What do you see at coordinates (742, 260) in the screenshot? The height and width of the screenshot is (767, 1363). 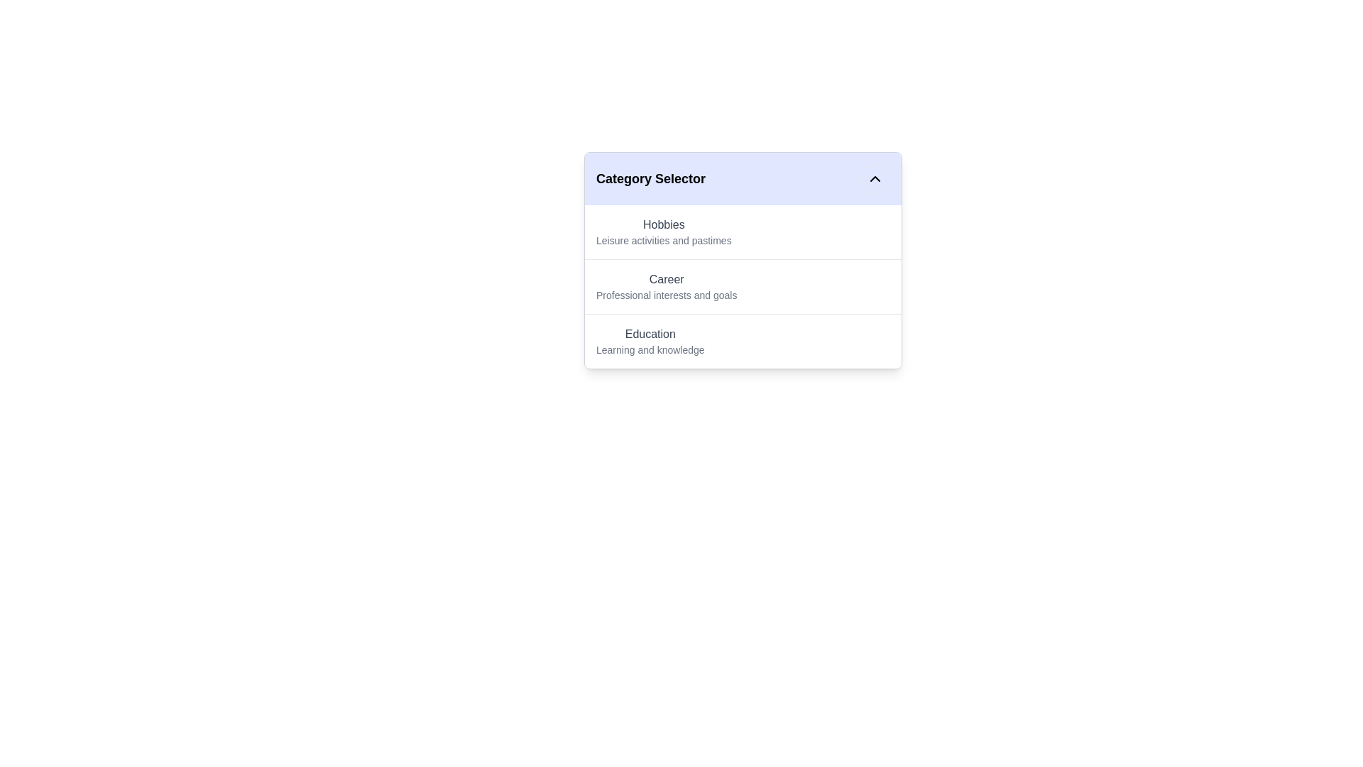 I see `the second category entry in the card-styled dropdown list that contains 'Hobbies', 'Career', and 'Education'` at bounding box center [742, 260].